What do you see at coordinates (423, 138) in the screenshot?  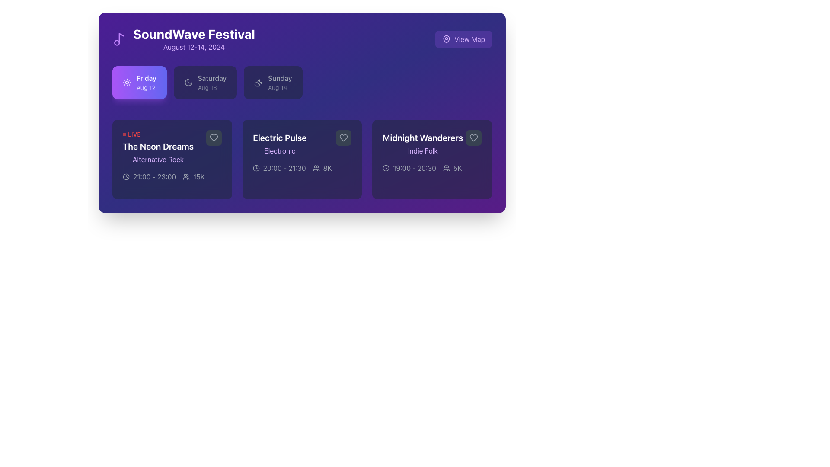 I see `text content of the header element that displays 'Midnight Wanderers', styled in bold and large font on a dark purple background, located in the third position of a horizontally aligned card list` at bounding box center [423, 138].